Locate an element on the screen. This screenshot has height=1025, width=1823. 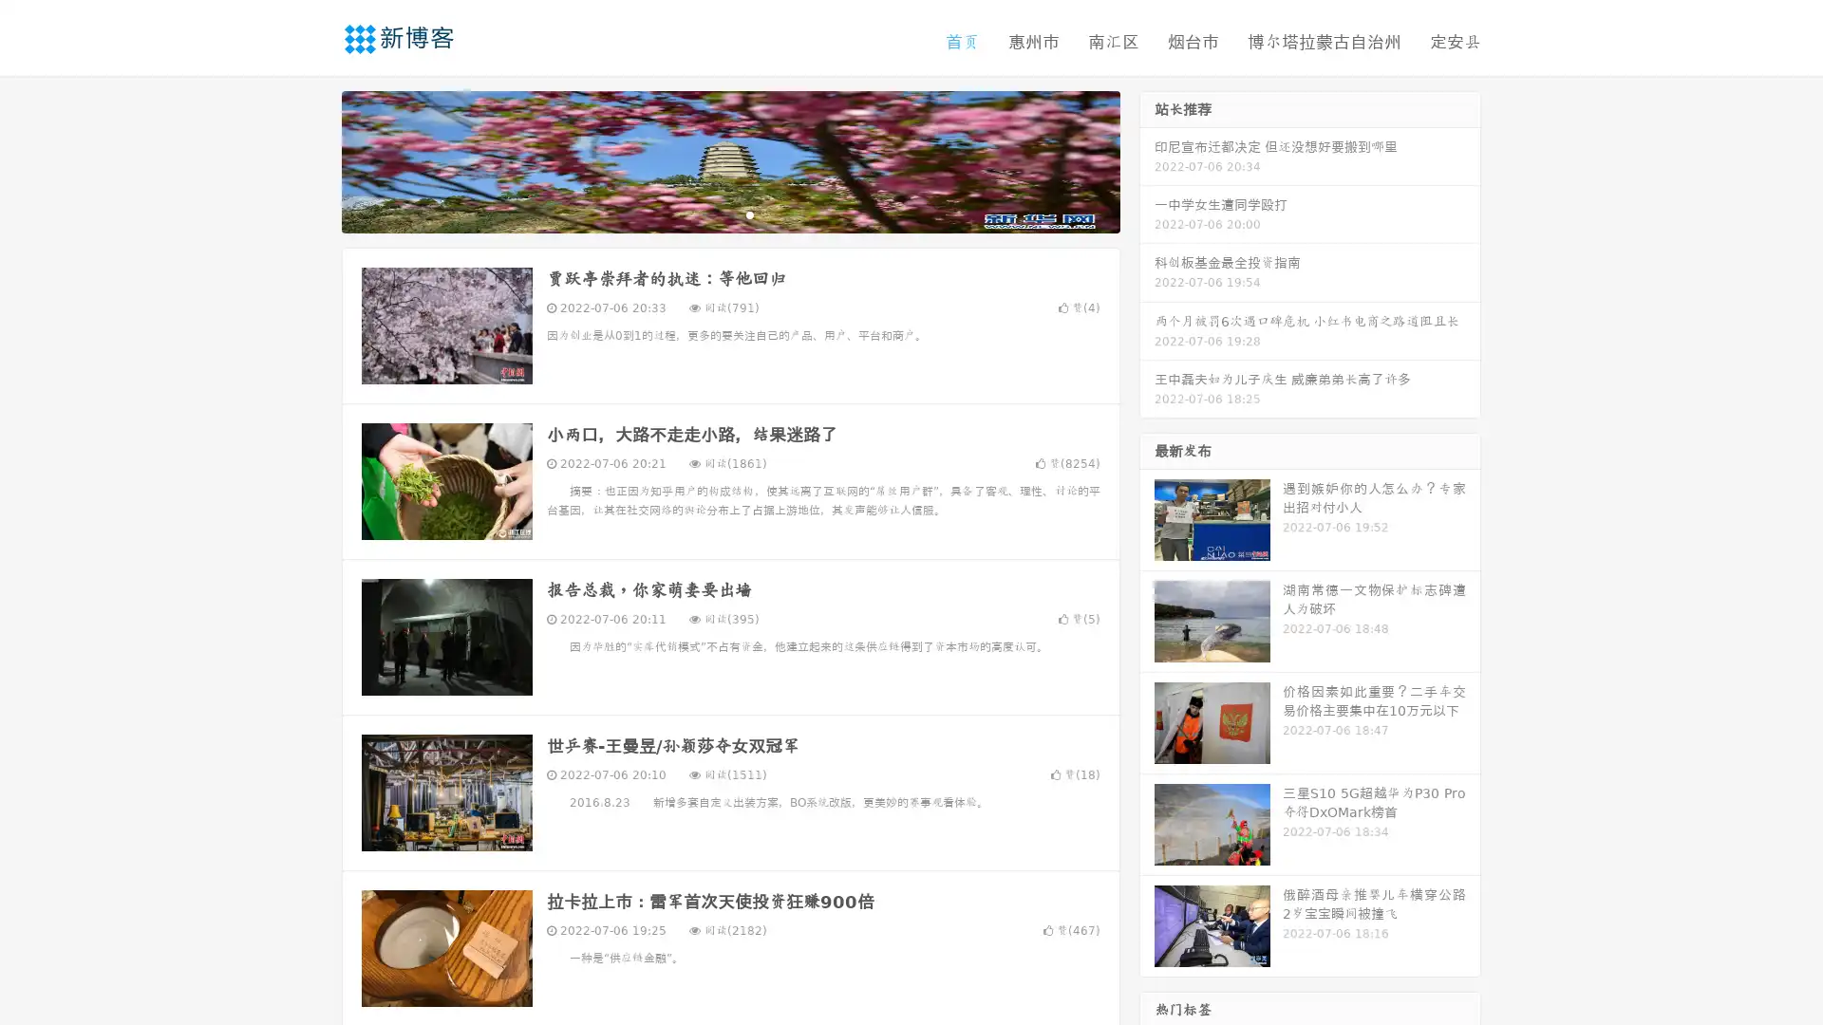
Go to slide 1 is located at coordinates (710, 214).